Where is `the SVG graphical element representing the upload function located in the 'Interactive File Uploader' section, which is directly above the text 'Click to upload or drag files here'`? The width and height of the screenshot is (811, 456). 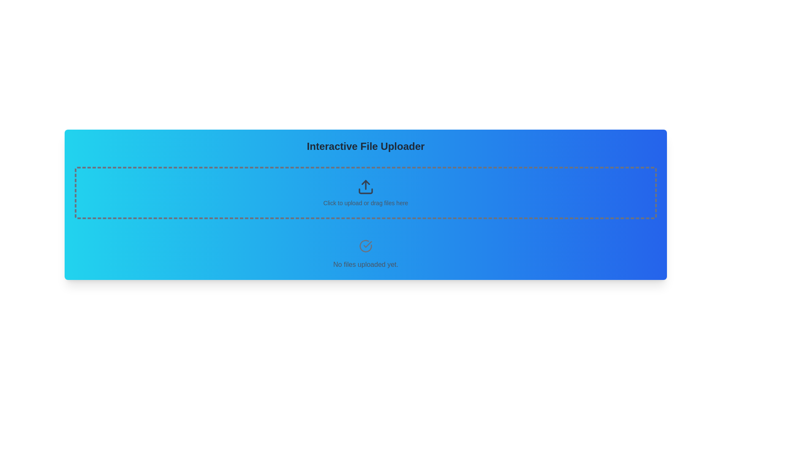 the SVG graphical element representing the upload function located in the 'Interactive File Uploader' section, which is directly above the text 'Click to upload or drag files here' is located at coordinates (365, 182).